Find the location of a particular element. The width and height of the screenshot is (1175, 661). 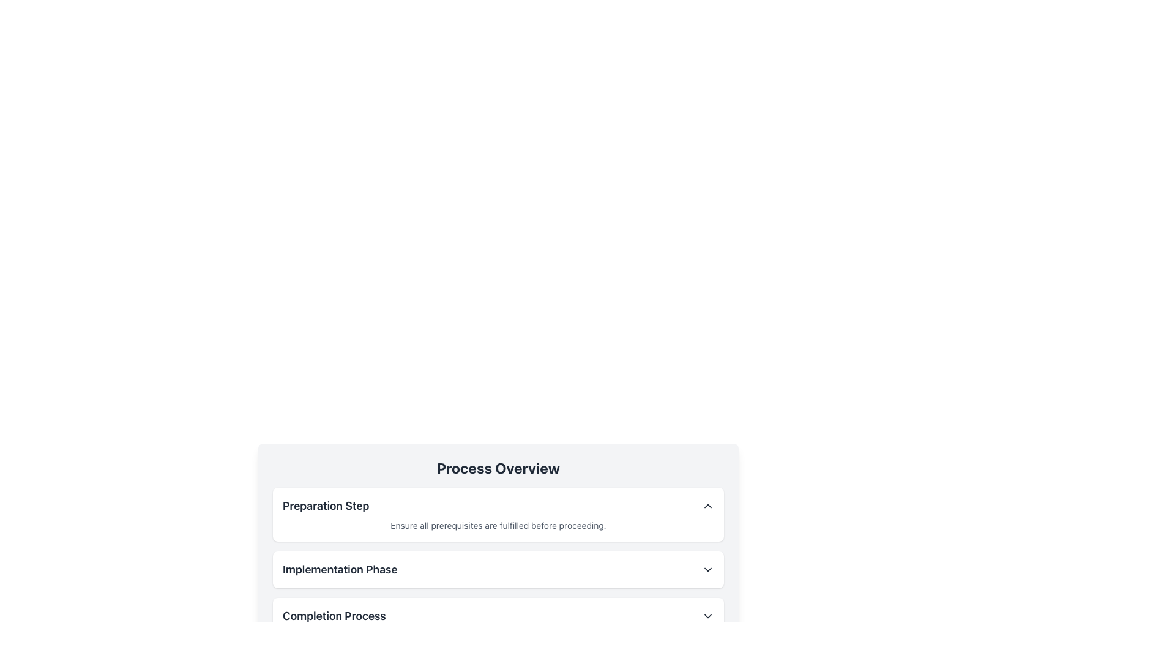

the text label that states 'Ensure all prerequisites are fulfilled before proceeding.', located beneath the 'Preparation Step' section header is located at coordinates (498, 525).